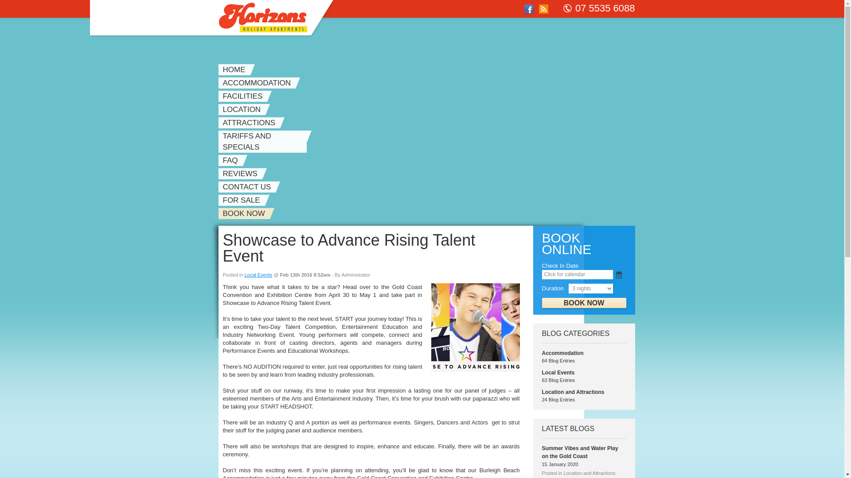 Image resolution: width=851 pixels, height=478 pixels. Describe the element at coordinates (562, 353) in the screenshot. I see `'Accommodation'` at that location.